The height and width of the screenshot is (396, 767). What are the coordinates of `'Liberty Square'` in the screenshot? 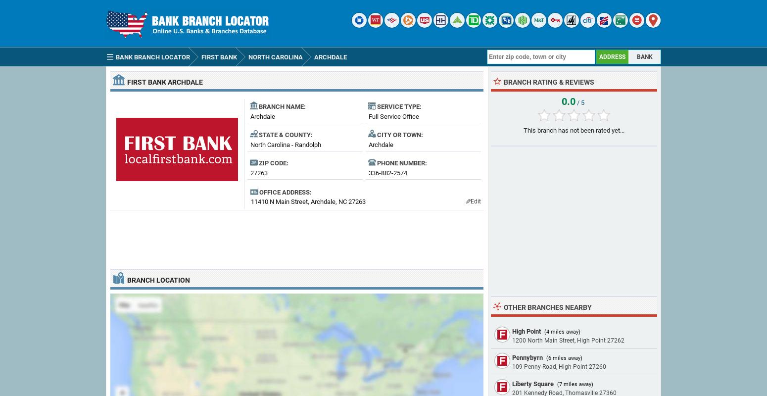 It's located at (512, 383).